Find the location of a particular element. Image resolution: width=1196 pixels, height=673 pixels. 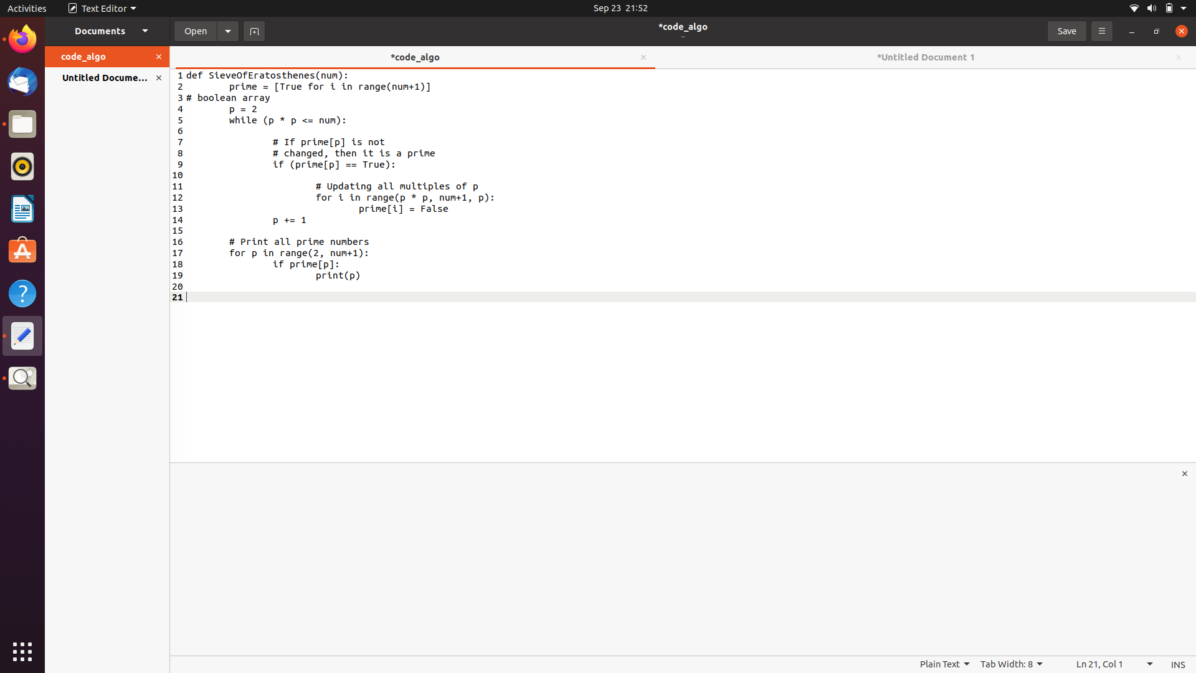

a file from the left side menu is located at coordinates (194, 30).